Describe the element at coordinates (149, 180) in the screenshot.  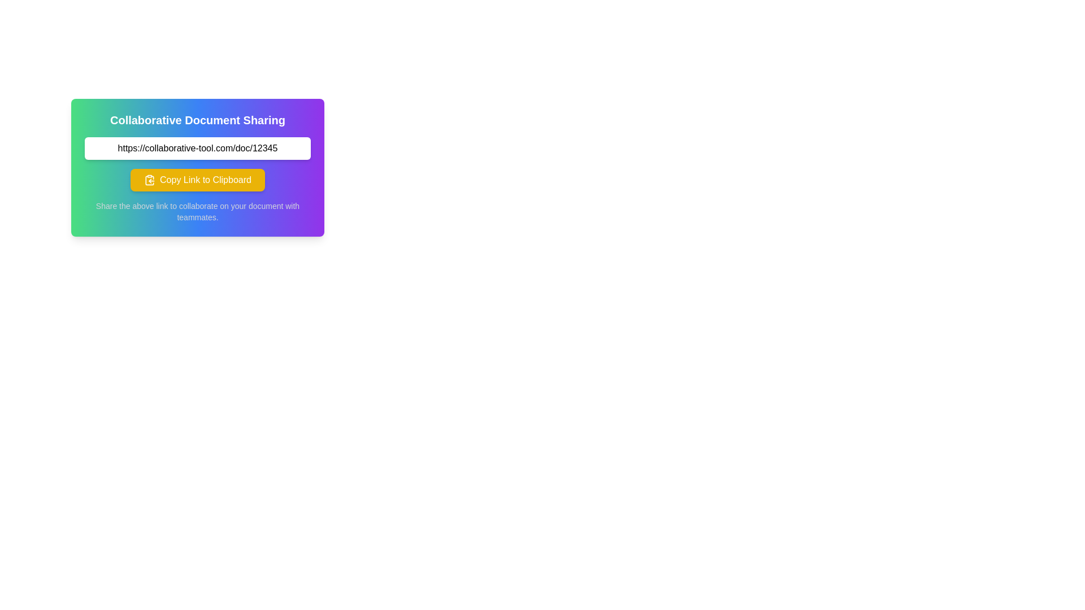
I see `the graphical icon resembling a clipboard with a copying arrow` at that location.